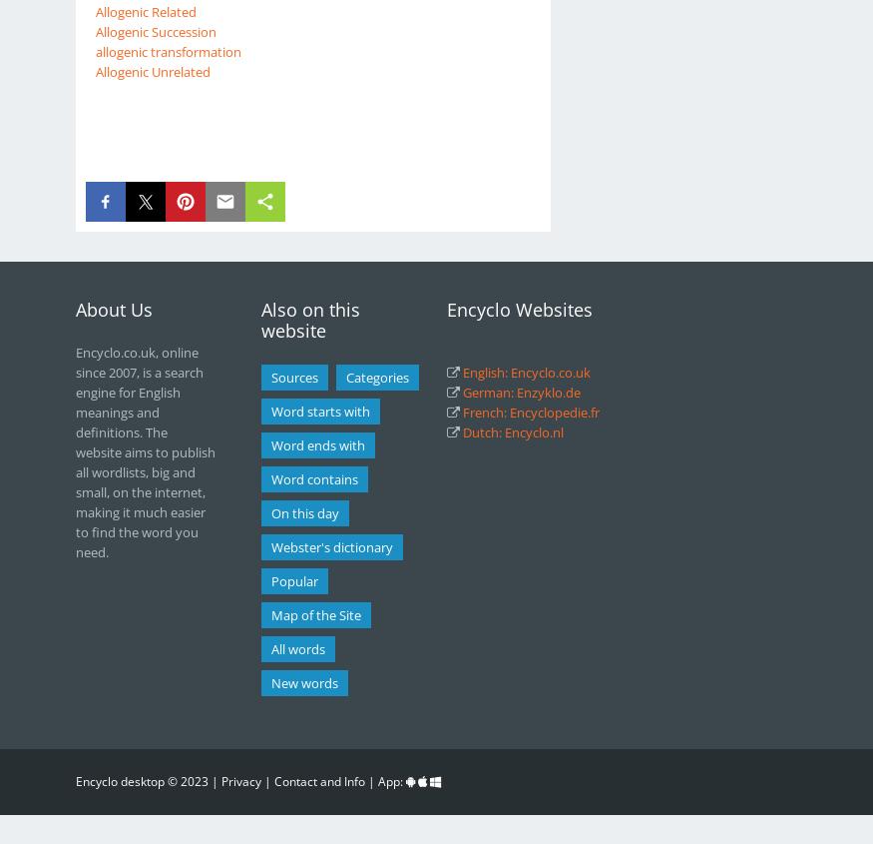  I want to click on 'About Us', so click(74, 309).